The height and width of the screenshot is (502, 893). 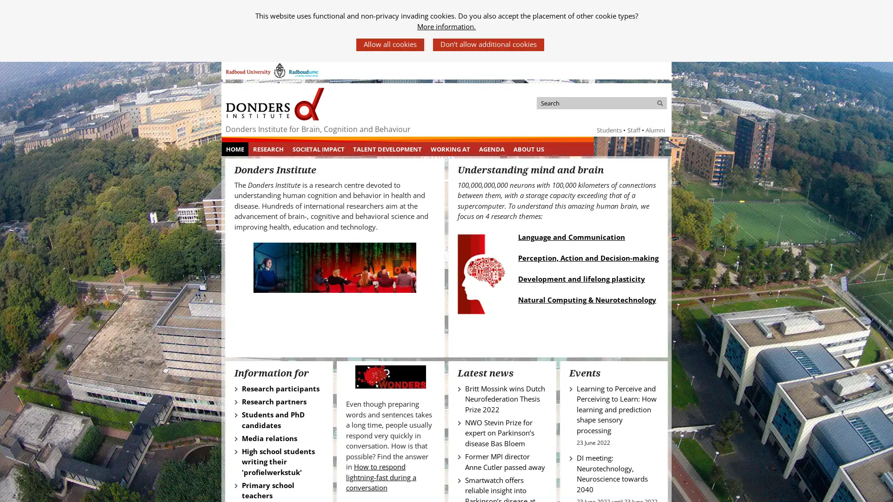 I want to click on Dont allow additional cookies, so click(x=487, y=45).